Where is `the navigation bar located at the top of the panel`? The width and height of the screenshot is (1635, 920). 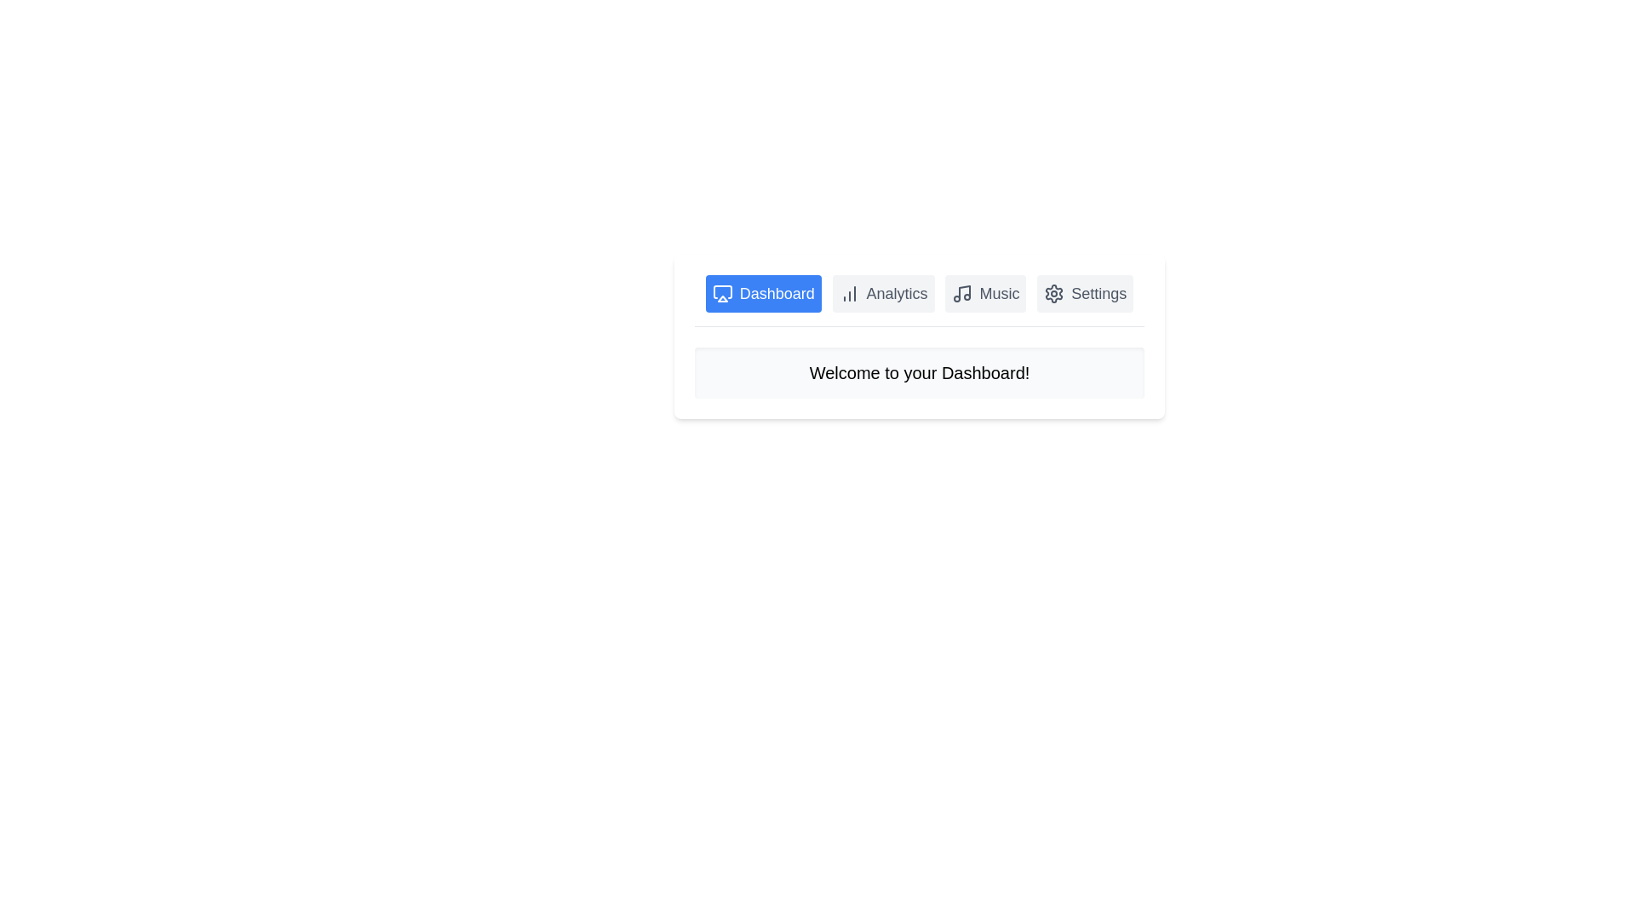
the navigation bar located at the top of the panel is located at coordinates (919, 300).